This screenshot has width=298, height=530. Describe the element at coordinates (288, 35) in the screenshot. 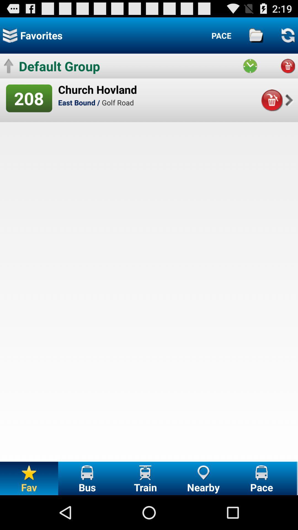

I see `refresh` at that location.